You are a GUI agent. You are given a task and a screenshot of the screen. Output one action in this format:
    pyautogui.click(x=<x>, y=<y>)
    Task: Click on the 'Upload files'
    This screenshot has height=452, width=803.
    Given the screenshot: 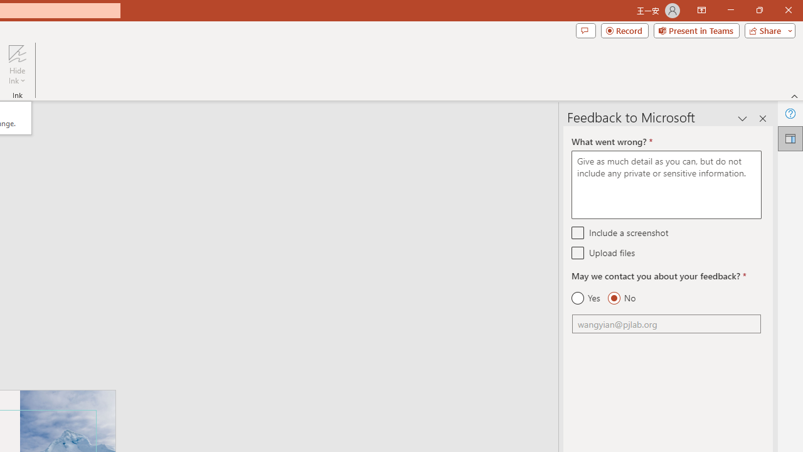 What is the action you would take?
    pyautogui.click(x=577, y=252)
    